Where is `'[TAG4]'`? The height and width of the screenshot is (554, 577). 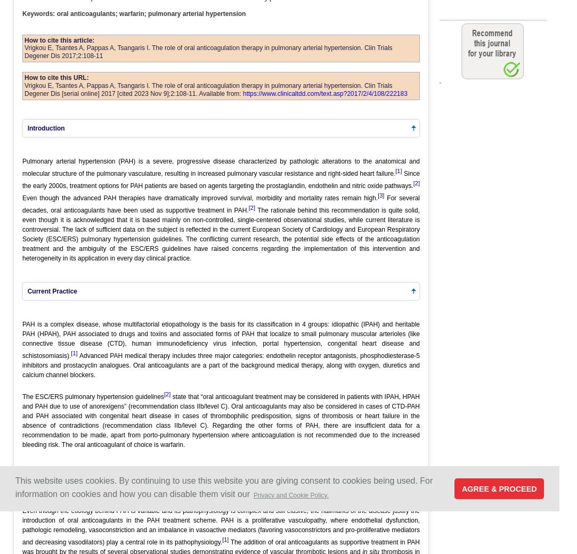
'[TAG4]' is located at coordinates (440, 83).